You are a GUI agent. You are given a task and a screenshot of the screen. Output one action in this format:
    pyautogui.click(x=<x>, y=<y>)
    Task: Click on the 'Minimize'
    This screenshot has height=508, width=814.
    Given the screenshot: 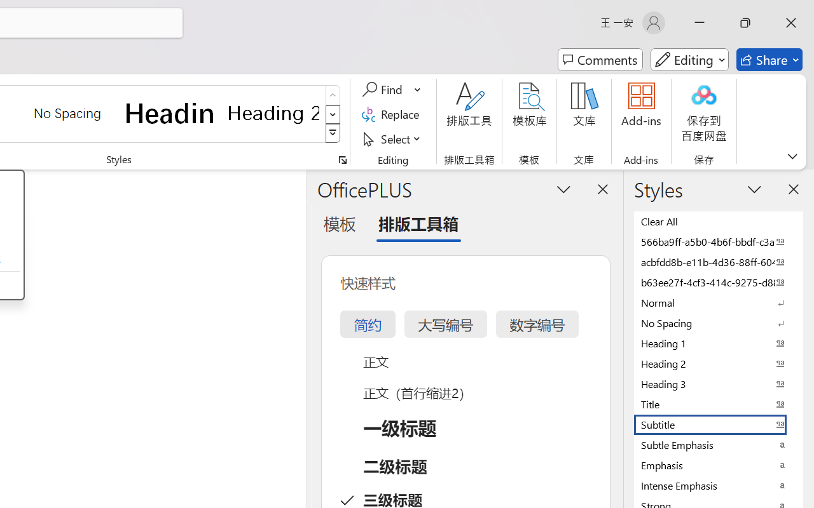 What is the action you would take?
    pyautogui.click(x=699, y=22)
    